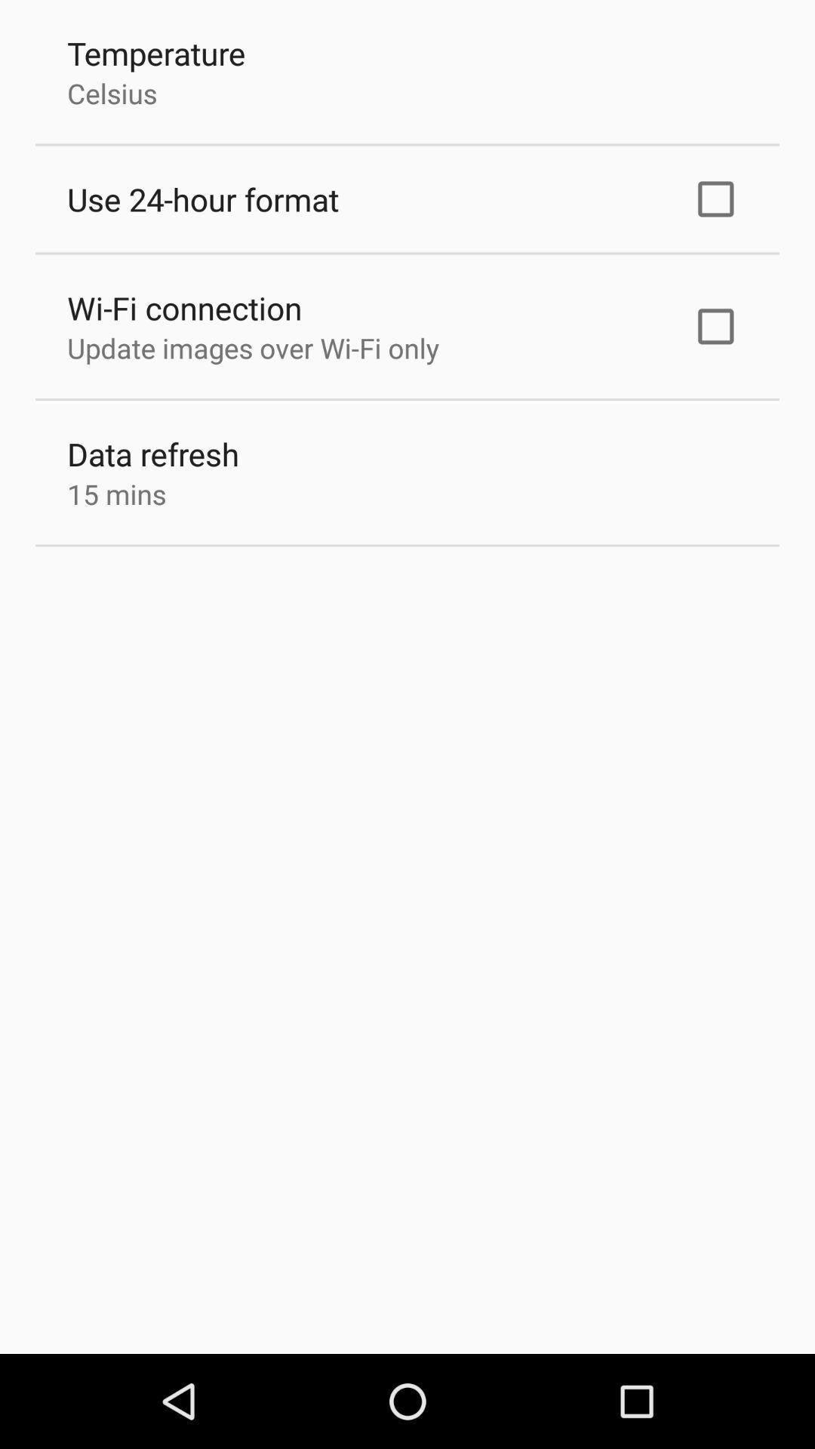  I want to click on update images over item, so click(252, 347).